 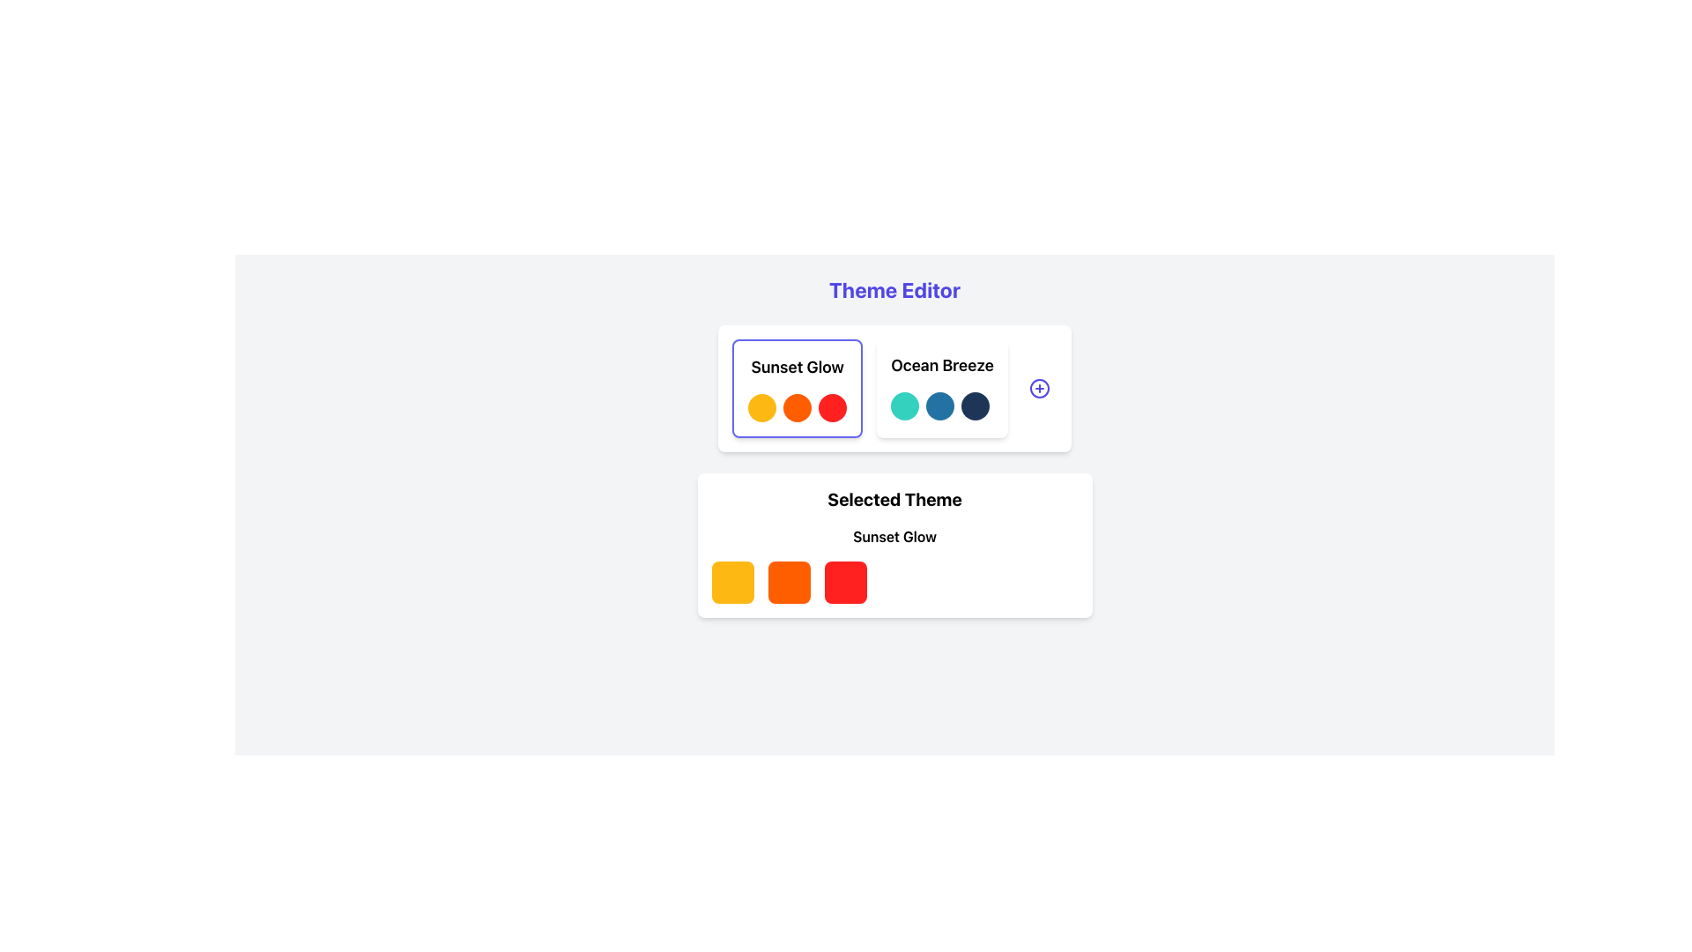 What do you see at coordinates (975, 406) in the screenshot?
I see `the right-most circular icon representing a color choice option in the 'Ocean Breeze' section of the theme editor interface` at bounding box center [975, 406].